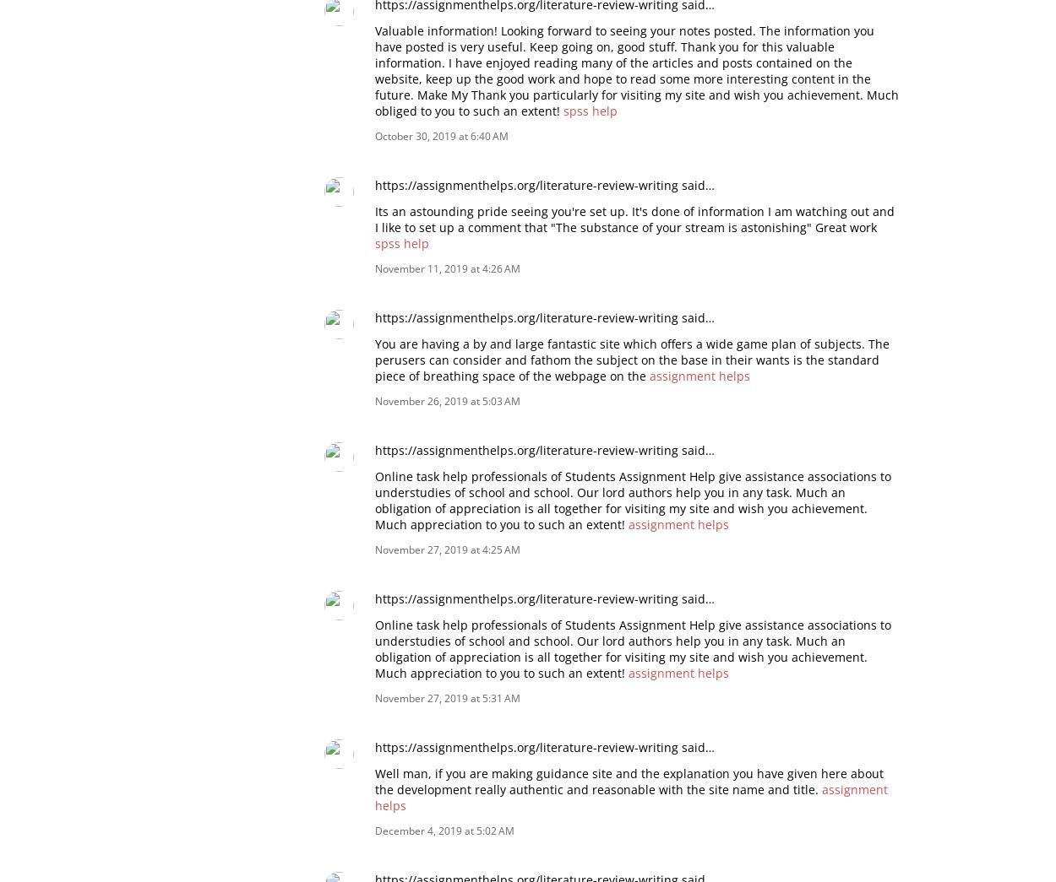 The height and width of the screenshot is (882, 1056). What do you see at coordinates (448, 399) in the screenshot?
I see `'November 26, 2019 at 5:03 AM'` at bounding box center [448, 399].